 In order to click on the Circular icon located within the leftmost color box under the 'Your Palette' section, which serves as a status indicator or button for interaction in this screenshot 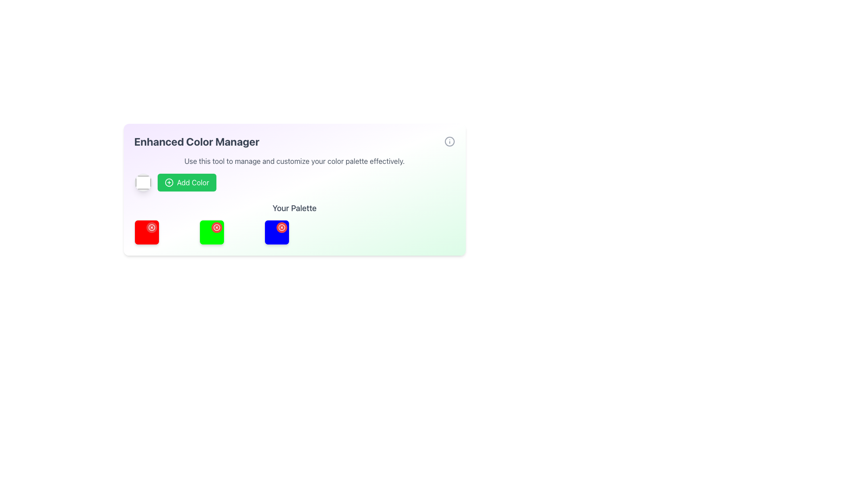, I will do `click(216, 227)`.